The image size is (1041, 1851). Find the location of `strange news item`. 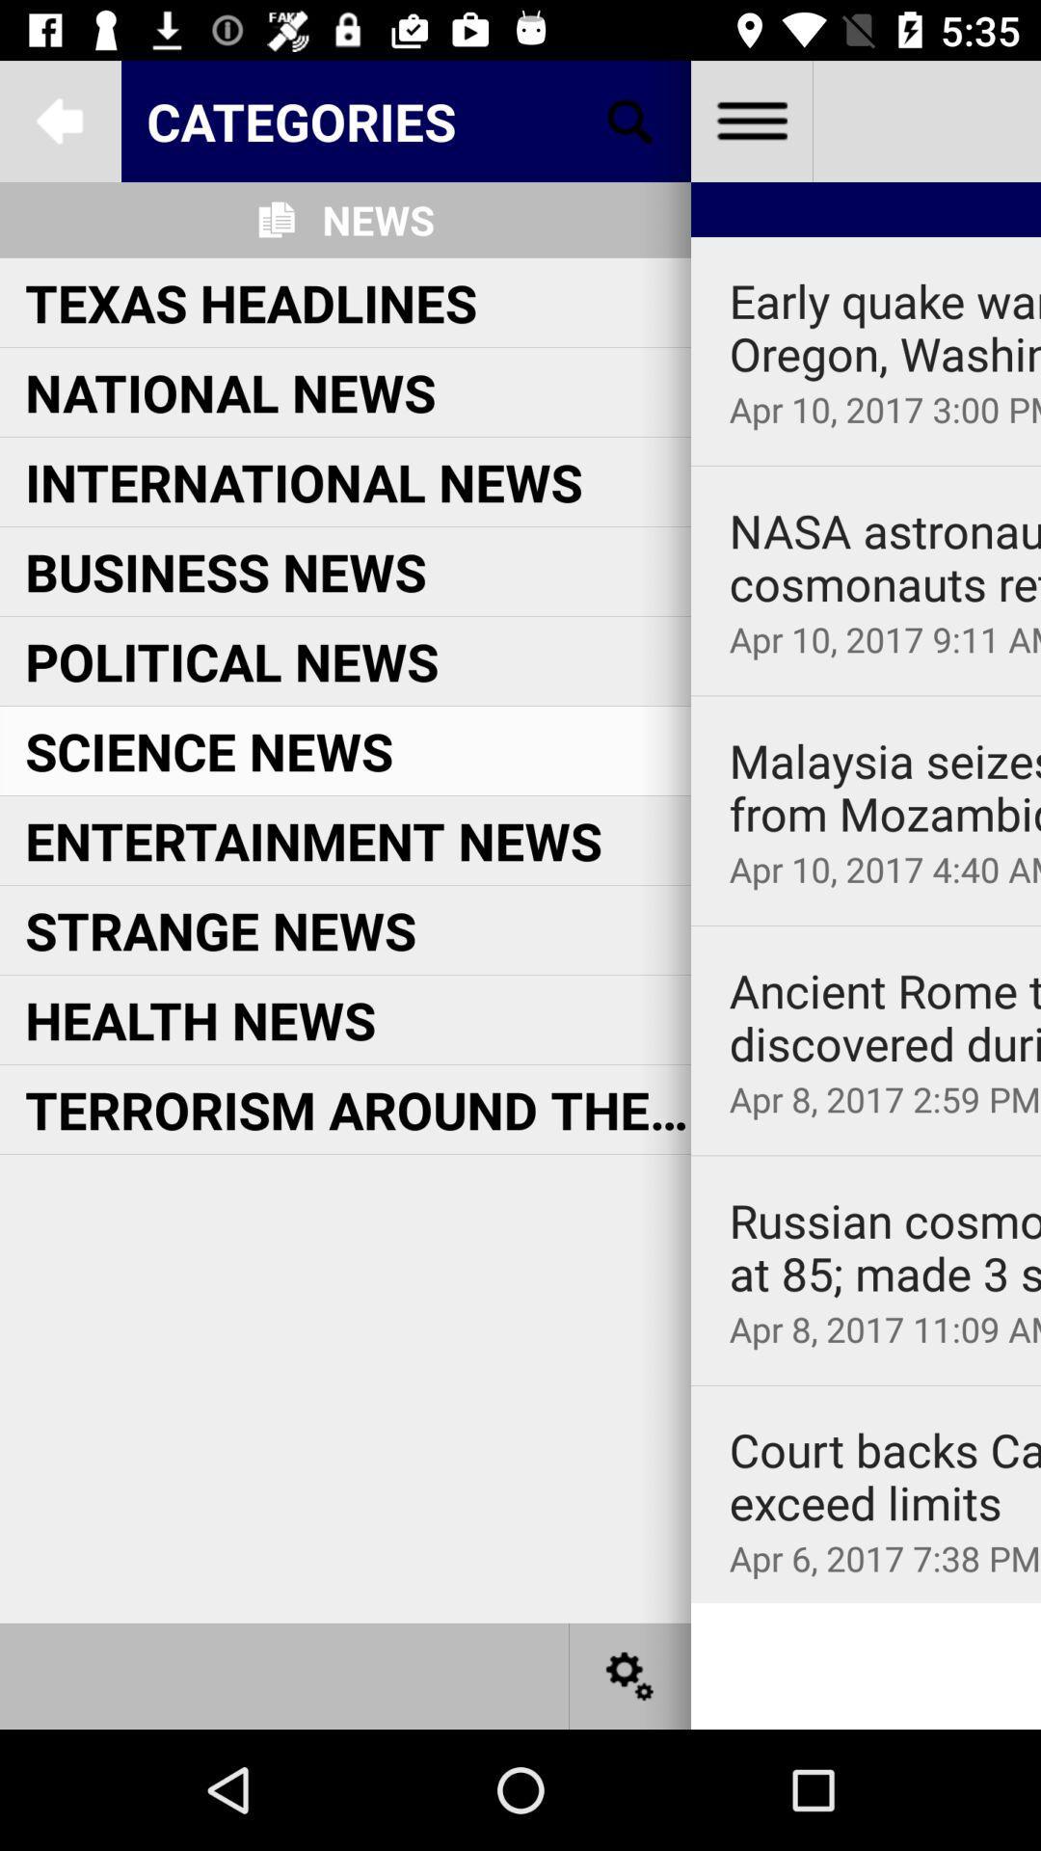

strange news item is located at coordinates (220, 929).